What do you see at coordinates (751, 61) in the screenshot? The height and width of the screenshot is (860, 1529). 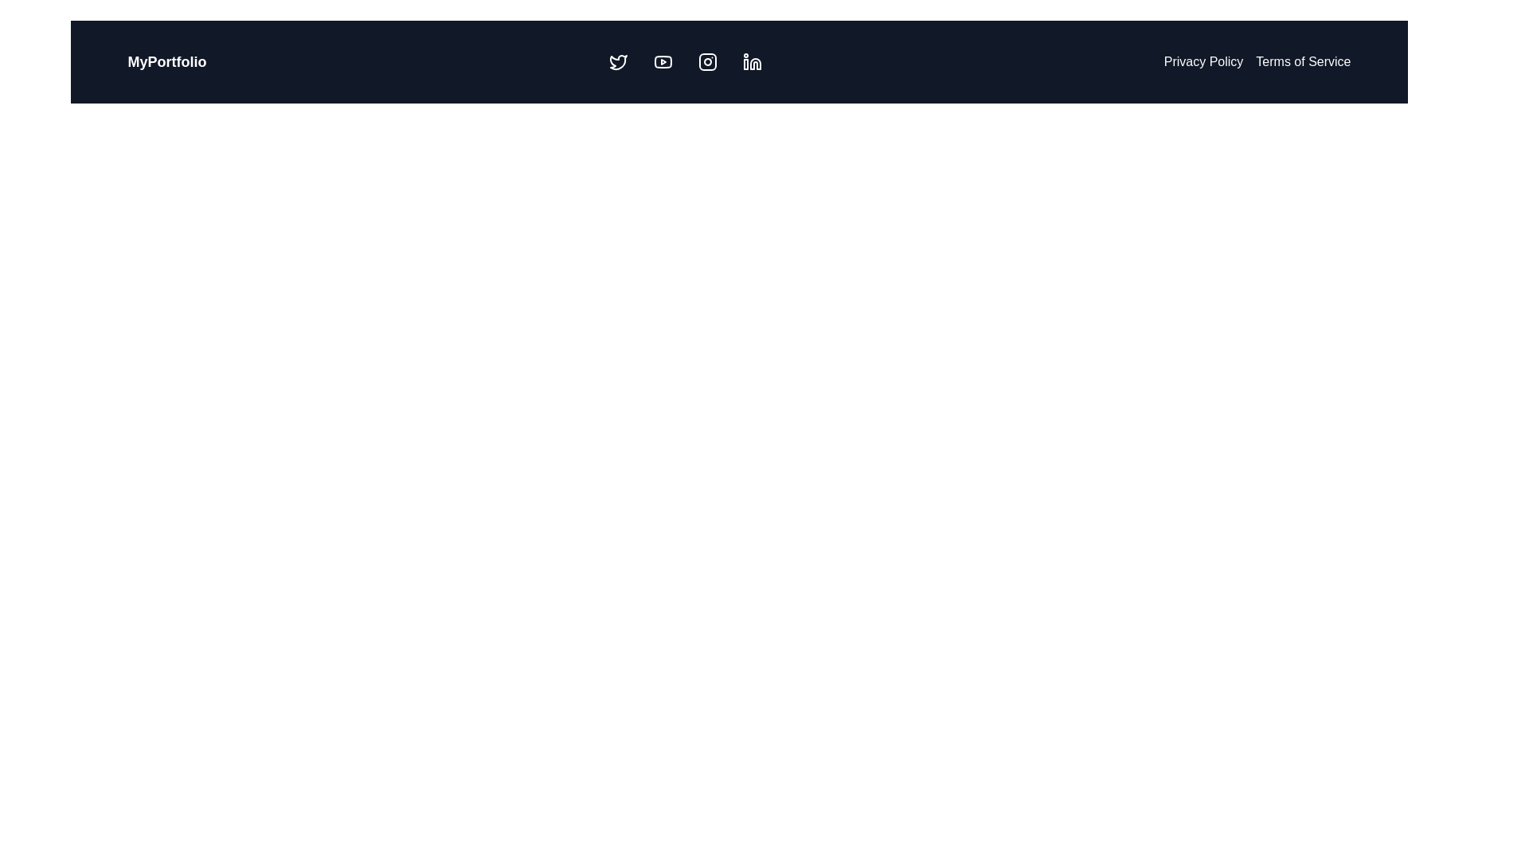 I see `the LinkedIn button, which is the fourth icon in the row of social media links in the top navigation bar` at bounding box center [751, 61].